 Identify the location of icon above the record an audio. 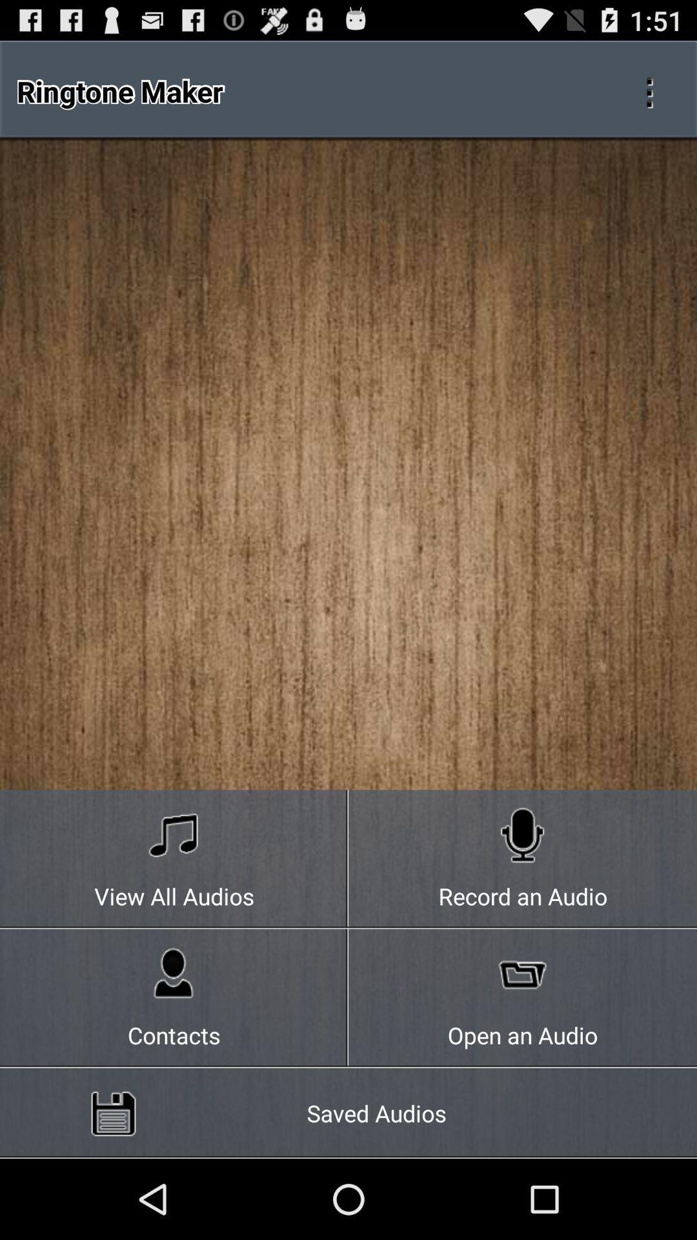
(649, 90).